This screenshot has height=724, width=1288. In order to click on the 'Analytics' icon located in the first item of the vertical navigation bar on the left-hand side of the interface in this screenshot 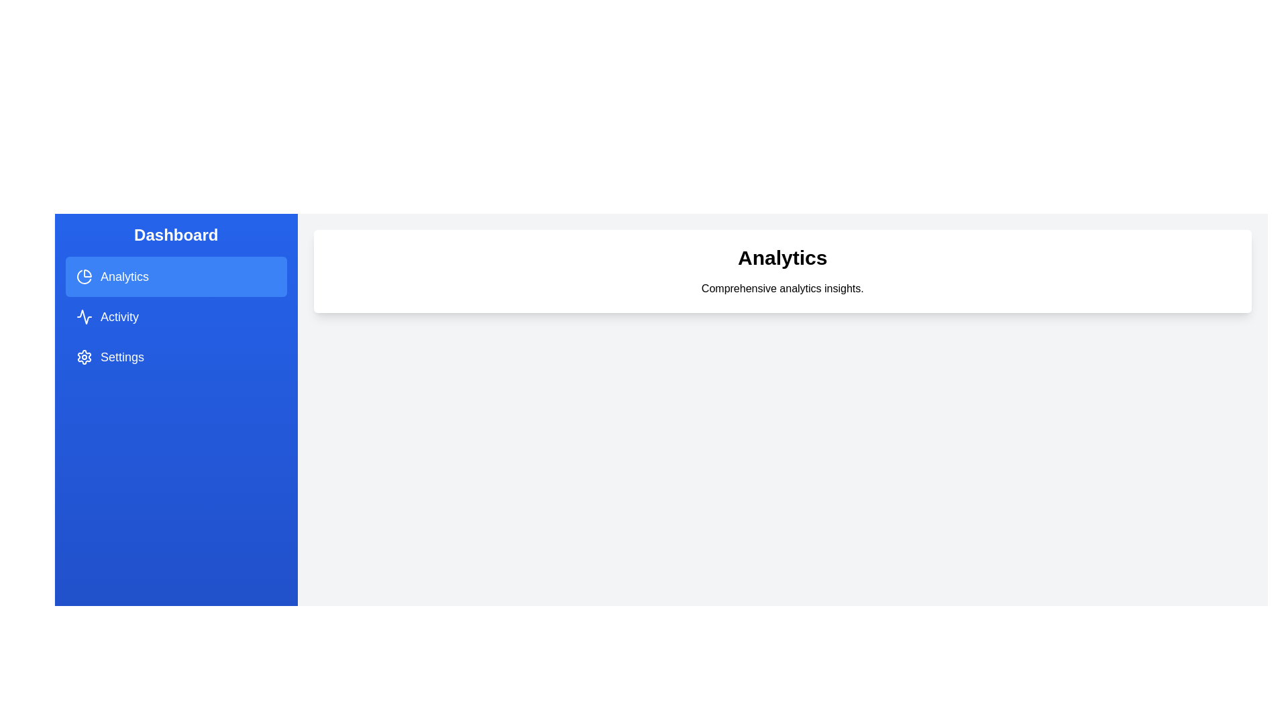, I will do `click(83, 276)`.